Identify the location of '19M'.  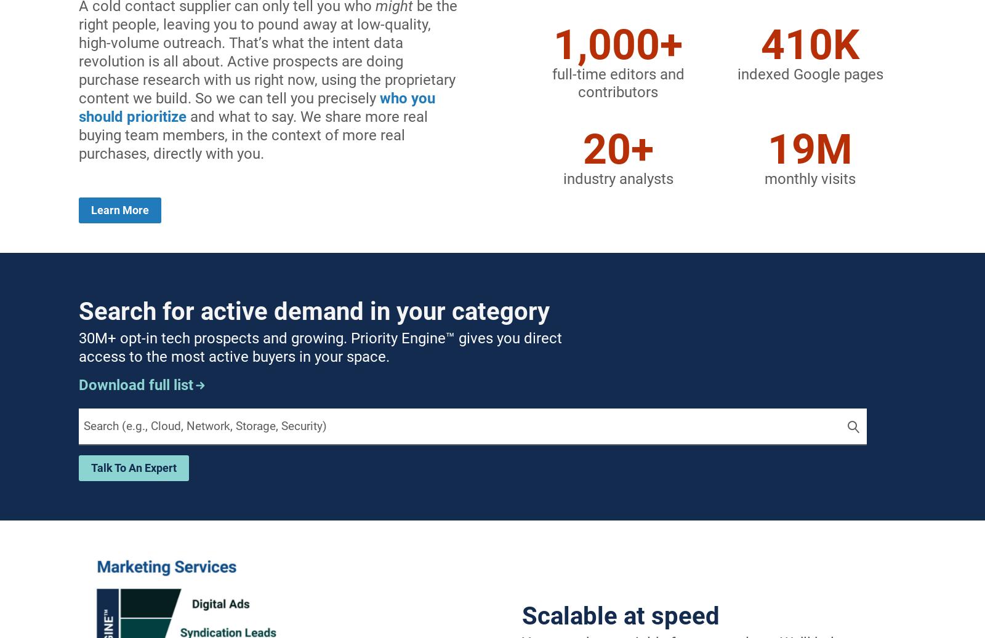
(767, 148).